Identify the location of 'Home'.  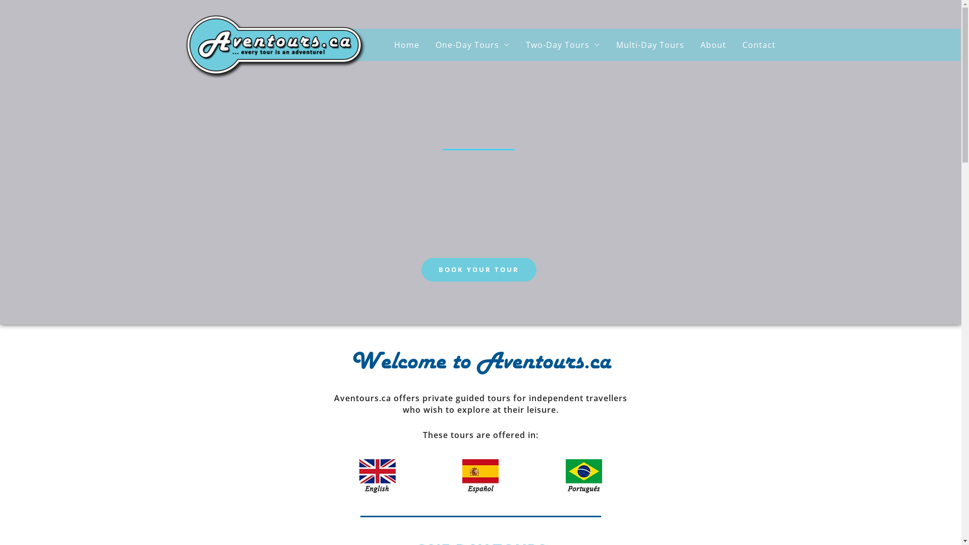
(406, 44).